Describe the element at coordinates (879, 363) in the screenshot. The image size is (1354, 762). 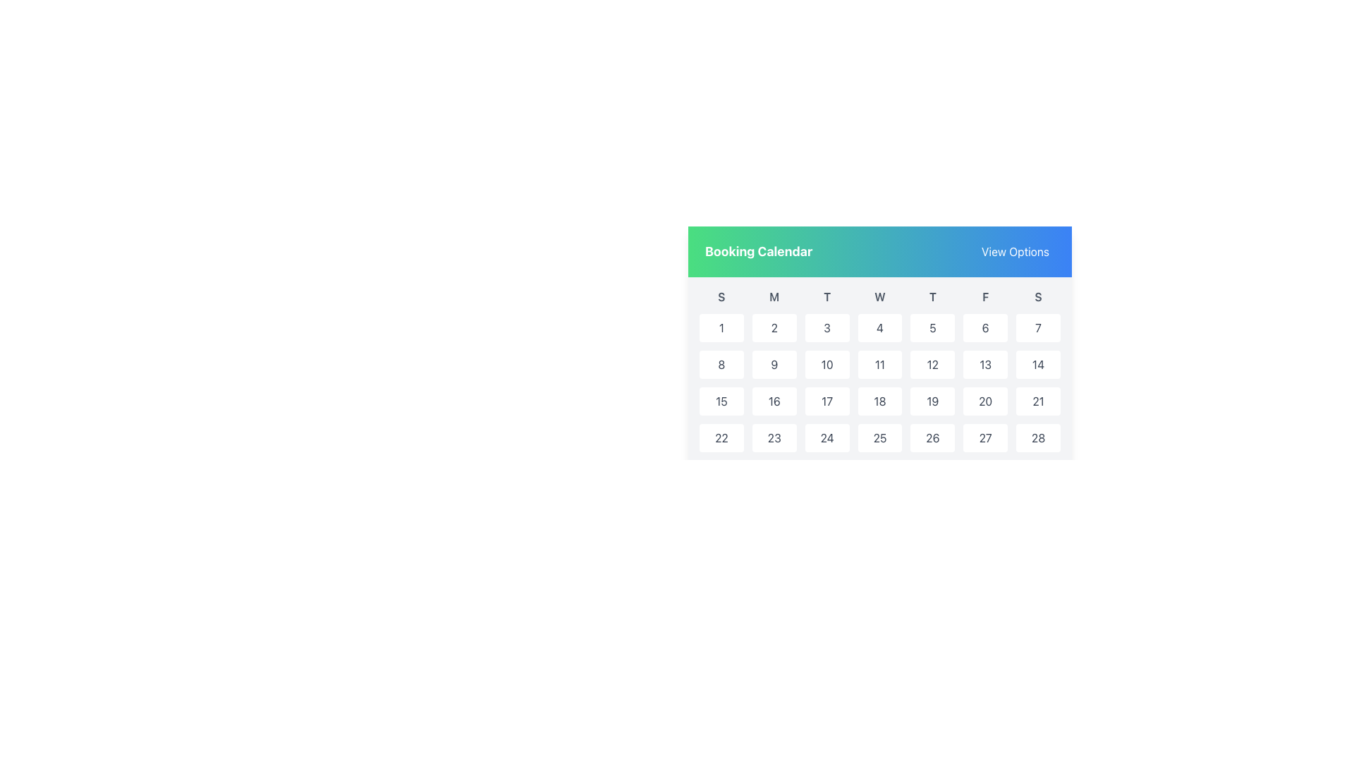
I see `the textual date element displaying '11' within the calendar grid` at that location.